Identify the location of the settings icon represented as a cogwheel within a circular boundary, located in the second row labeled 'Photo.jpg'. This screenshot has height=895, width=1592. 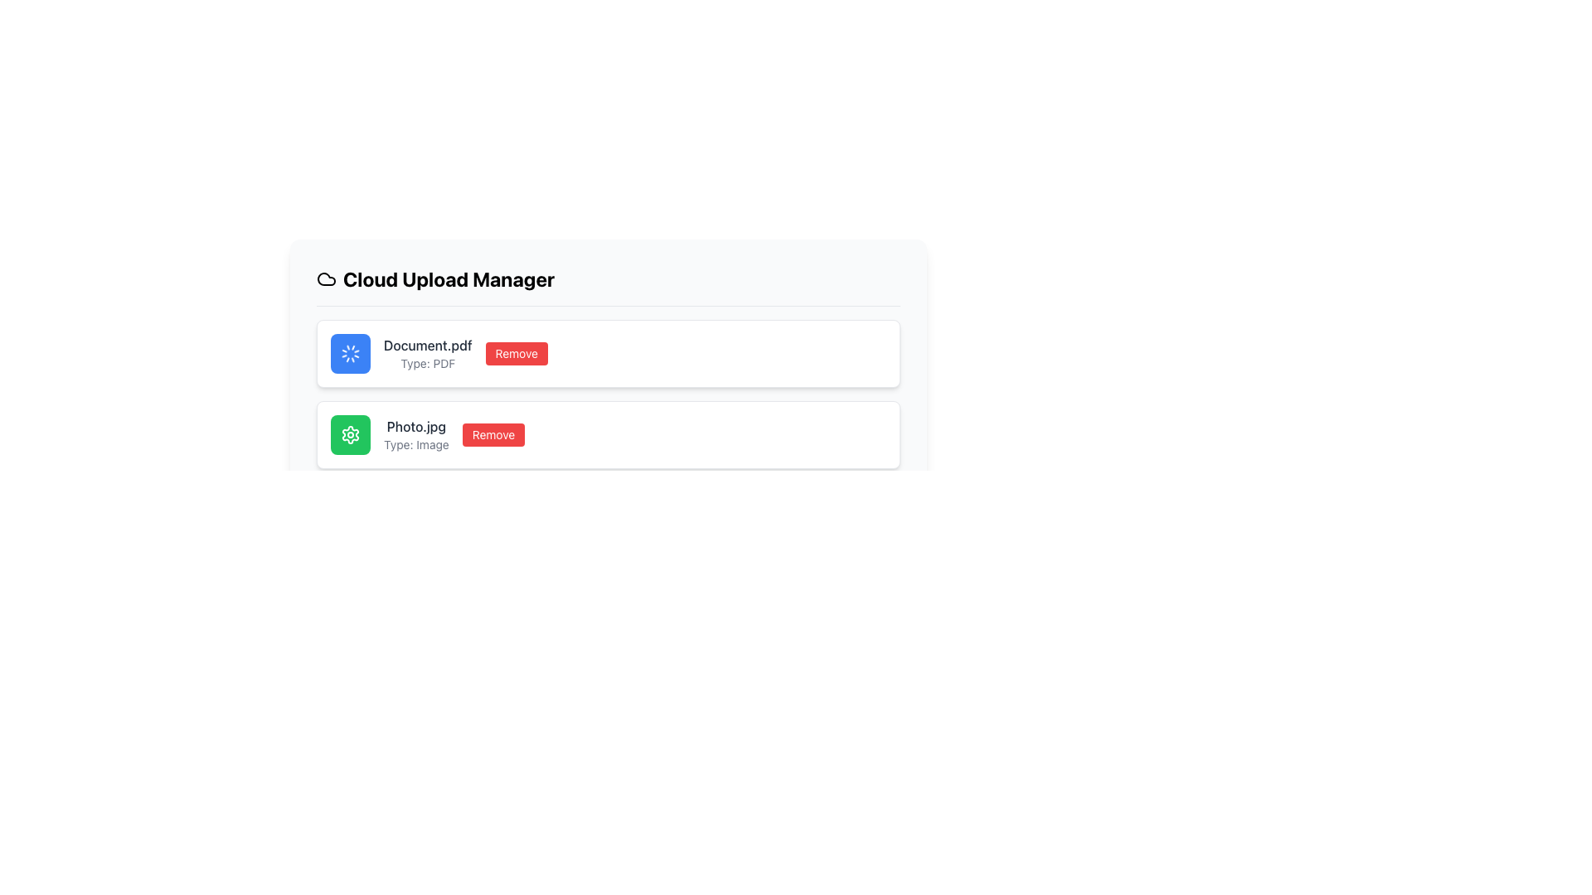
(349, 433).